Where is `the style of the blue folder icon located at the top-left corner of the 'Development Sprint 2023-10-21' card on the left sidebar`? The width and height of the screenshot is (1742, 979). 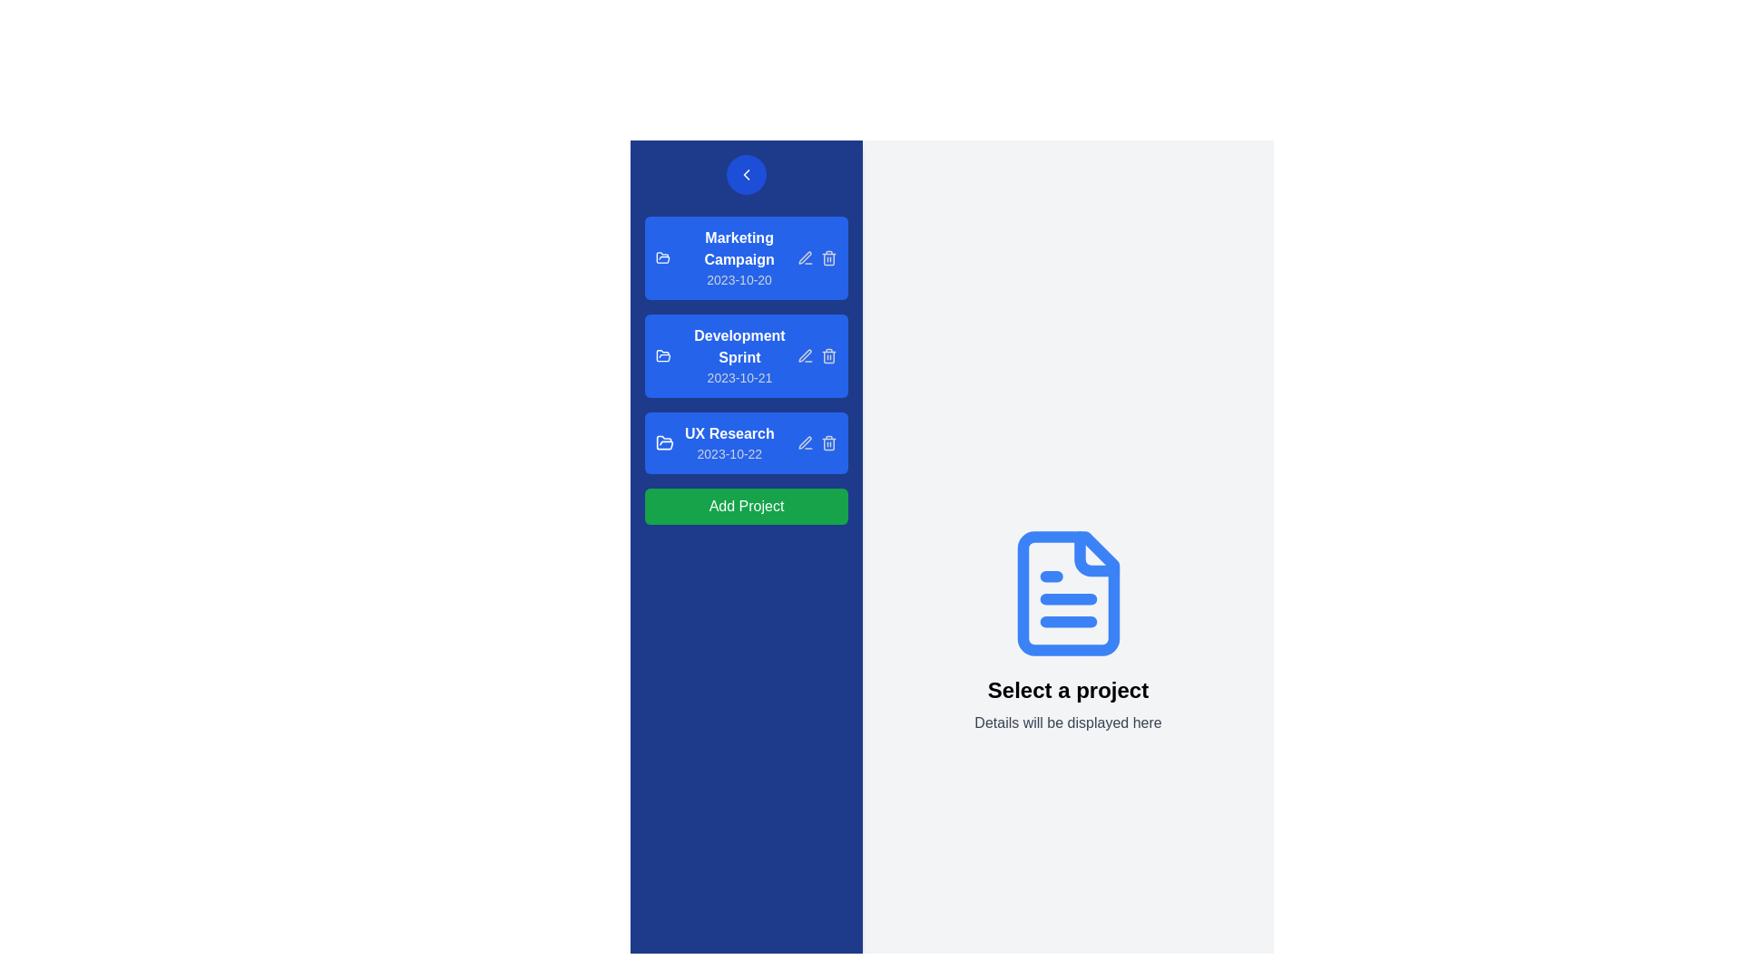 the style of the blue folder icon located at the top-left corner of the 'Development Sprint 2023-10-21' card on the left sidebar is located at coordinates (662, 355).